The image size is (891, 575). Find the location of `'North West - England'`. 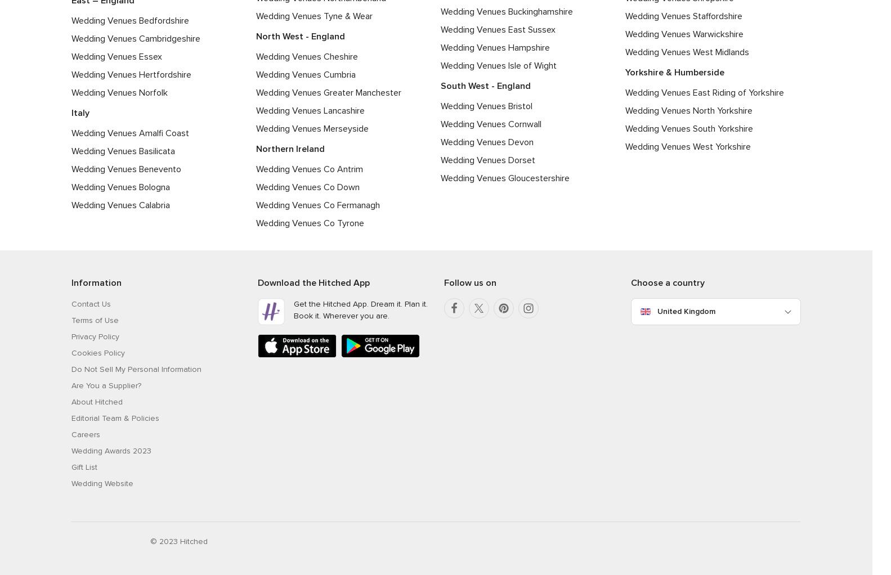

'North West - England' is located at coordinates (255, 35).